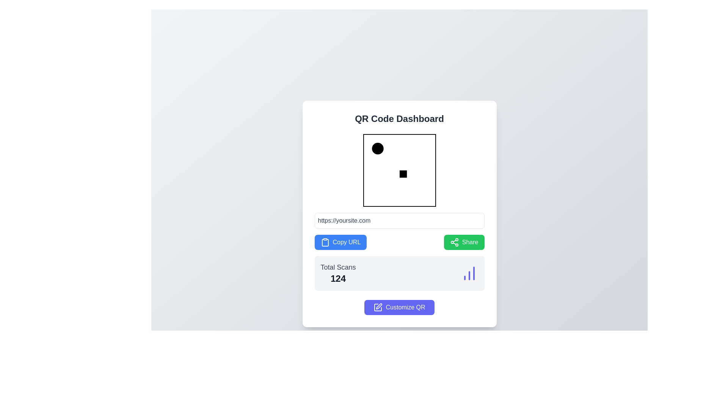  Describe the element at coordinates (340, 242) in the screenshot. I see `the button located in the upper center part of the interface, which copies the URL displayed in the text input field into the clipboard` at that location.